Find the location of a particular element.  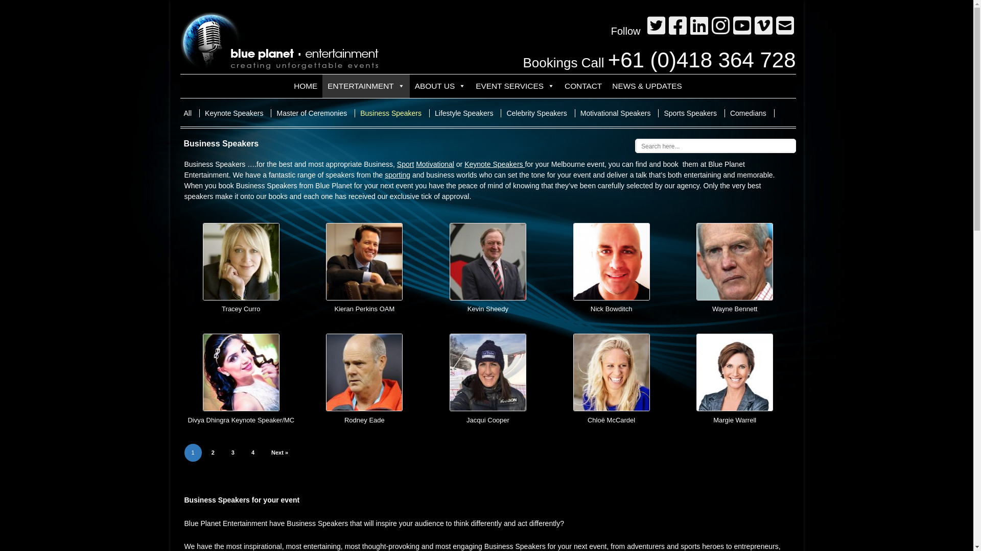

'EVENT SERVICES' is located at coordinates (515, 86).